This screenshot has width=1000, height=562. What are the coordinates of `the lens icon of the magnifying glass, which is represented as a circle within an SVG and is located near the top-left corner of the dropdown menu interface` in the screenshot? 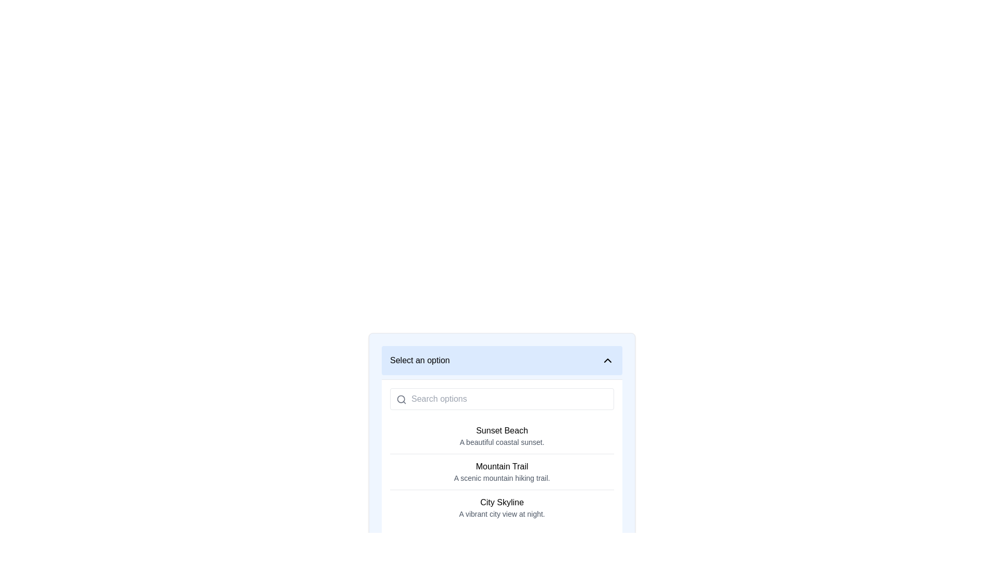 It's located at (401, 399).